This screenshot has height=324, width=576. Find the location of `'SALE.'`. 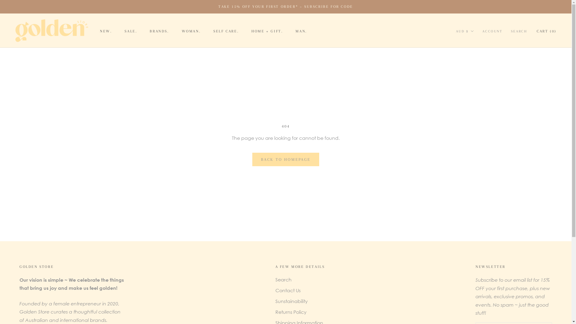

'SALE.' is located at coordinates (130, 31).